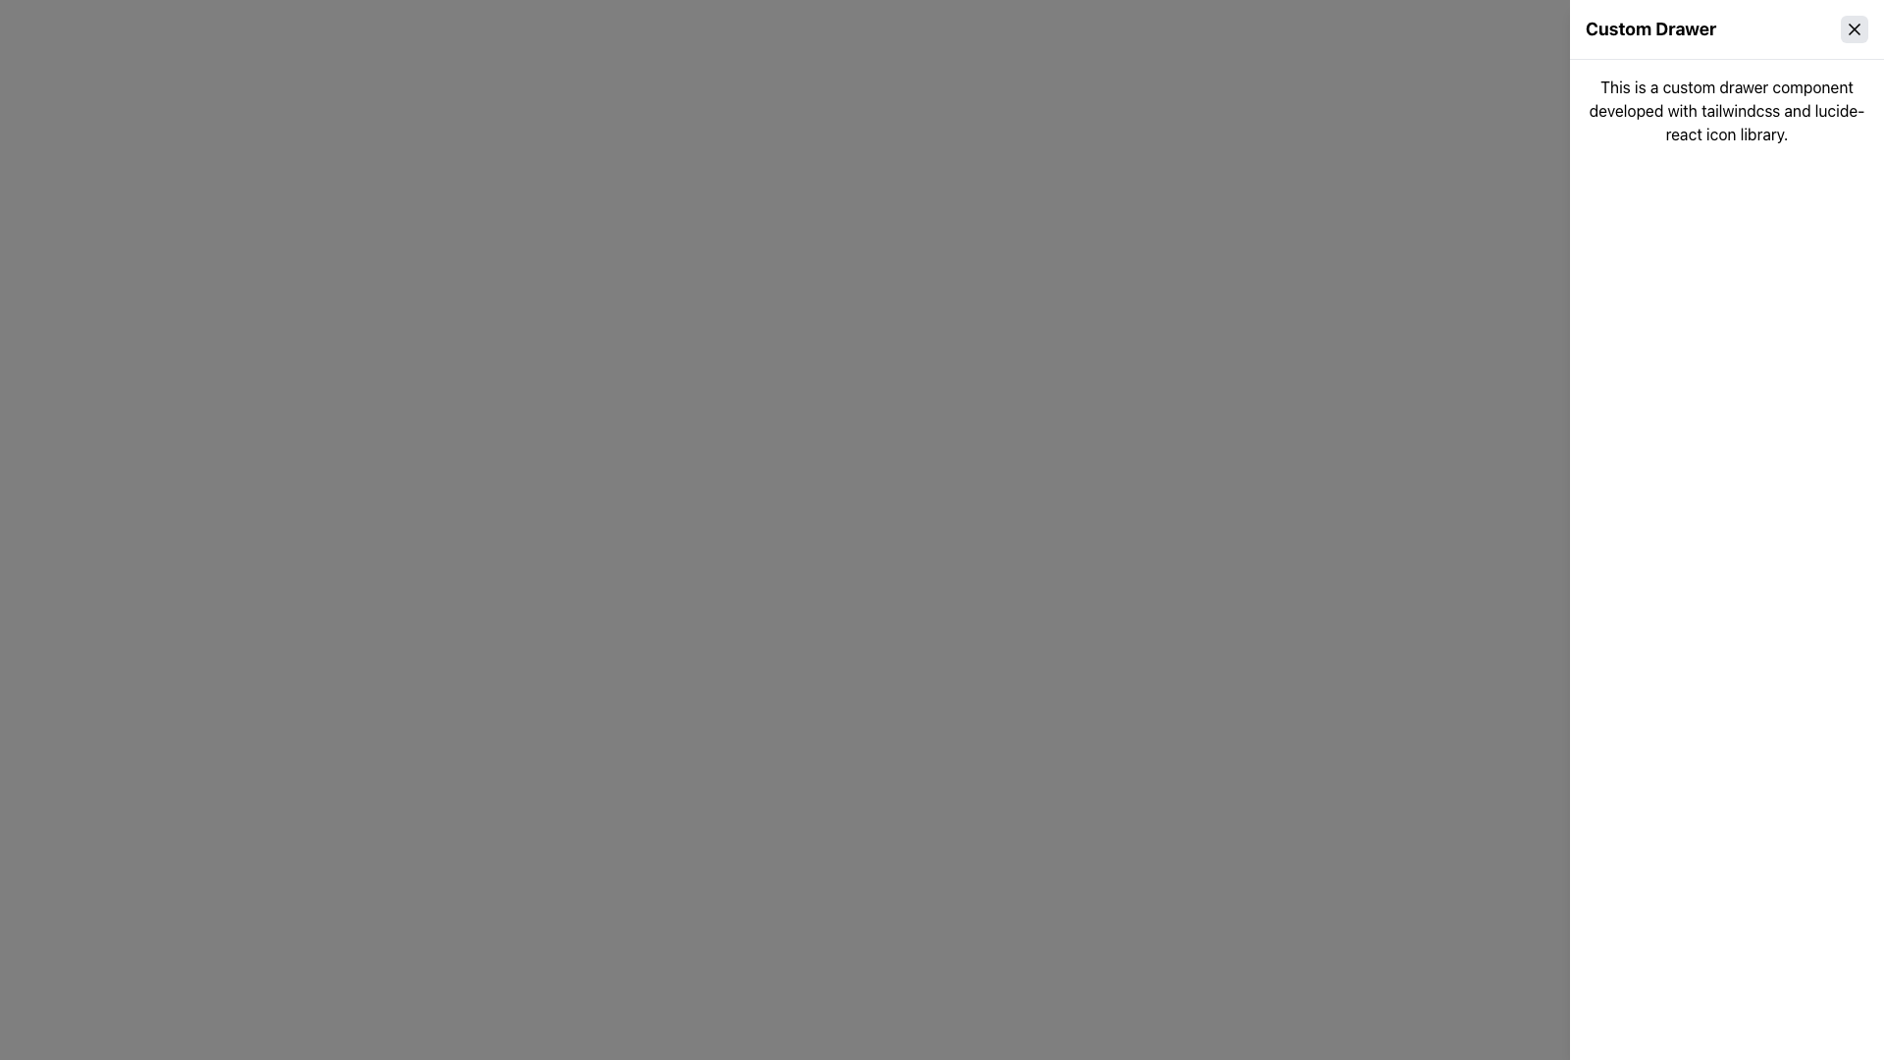 The width and height of the screenshot is (1884, 1060). Describe the element at coordinates (1854, 29) in the screenshot. I see `the close button located at the top-right side of the 'Custom Drawer' component` at that location.